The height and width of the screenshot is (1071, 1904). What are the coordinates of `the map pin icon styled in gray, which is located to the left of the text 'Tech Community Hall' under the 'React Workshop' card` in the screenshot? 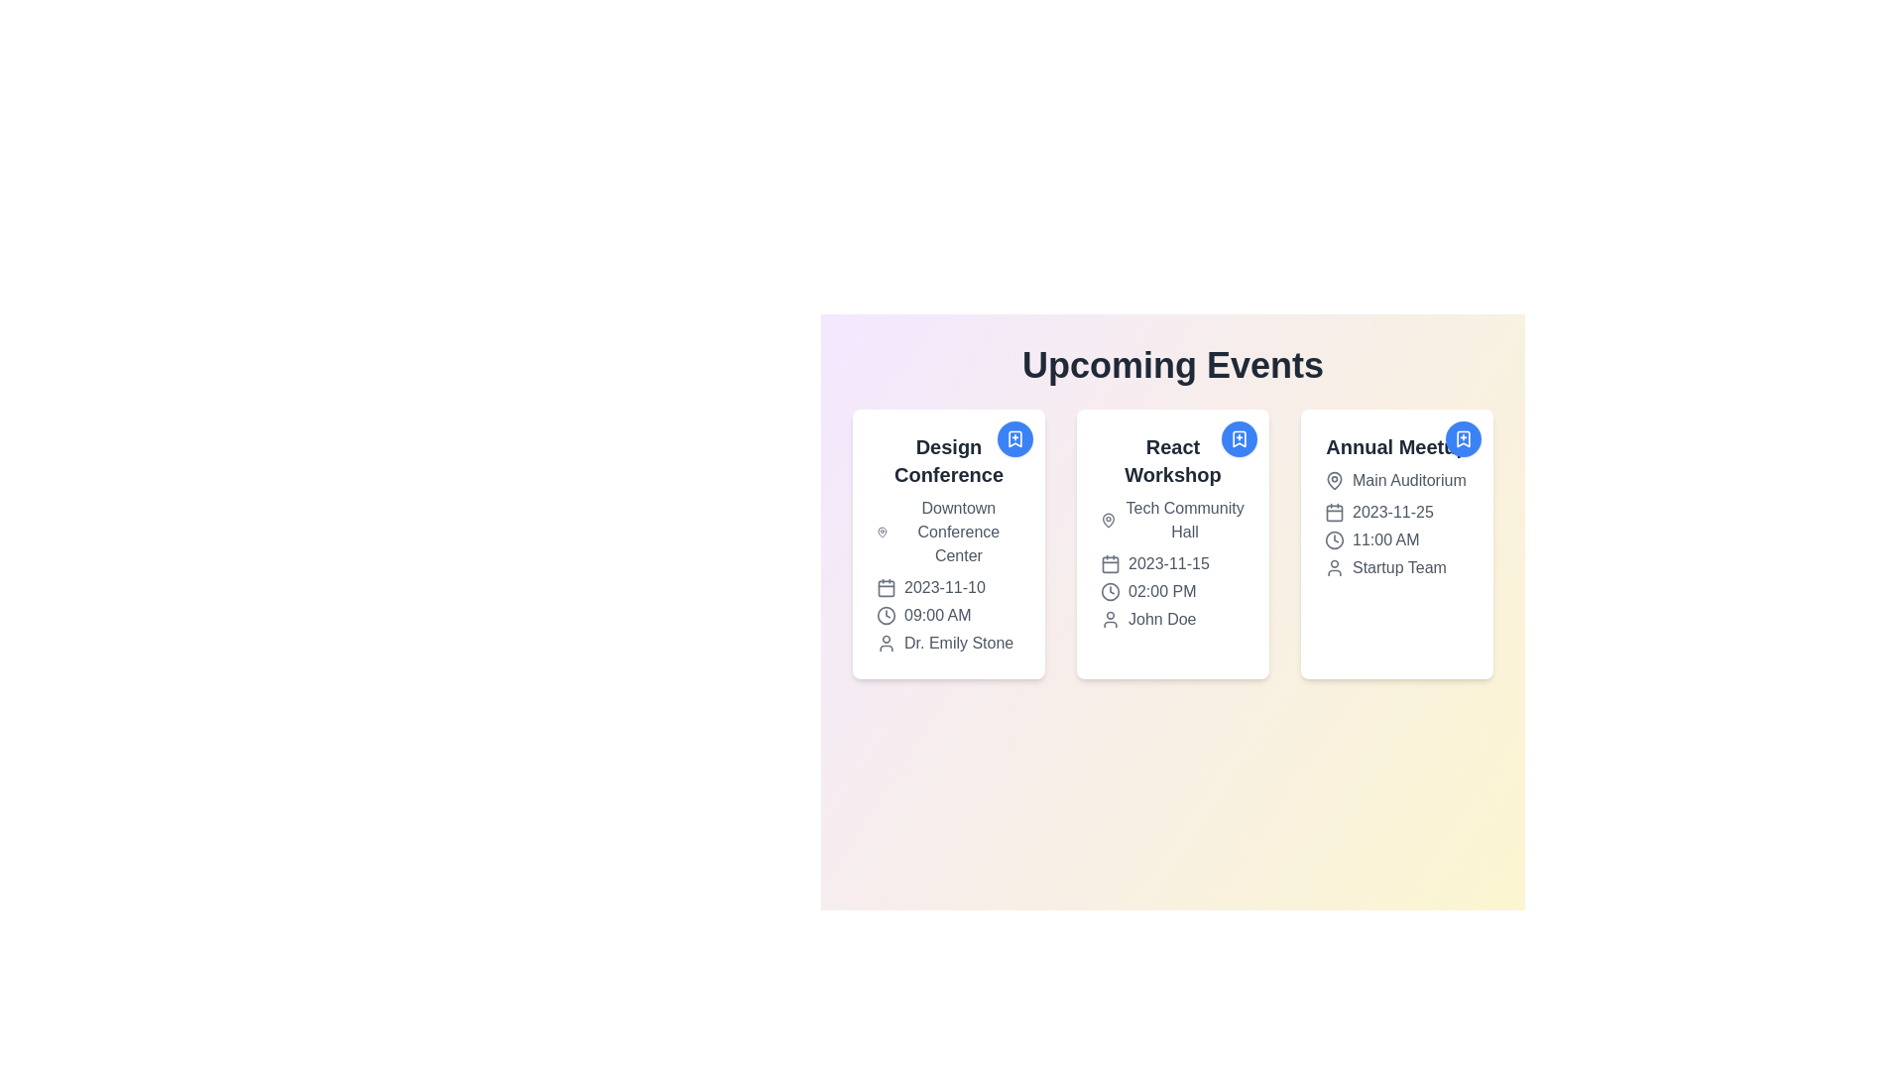 It's located at (1108, 519).